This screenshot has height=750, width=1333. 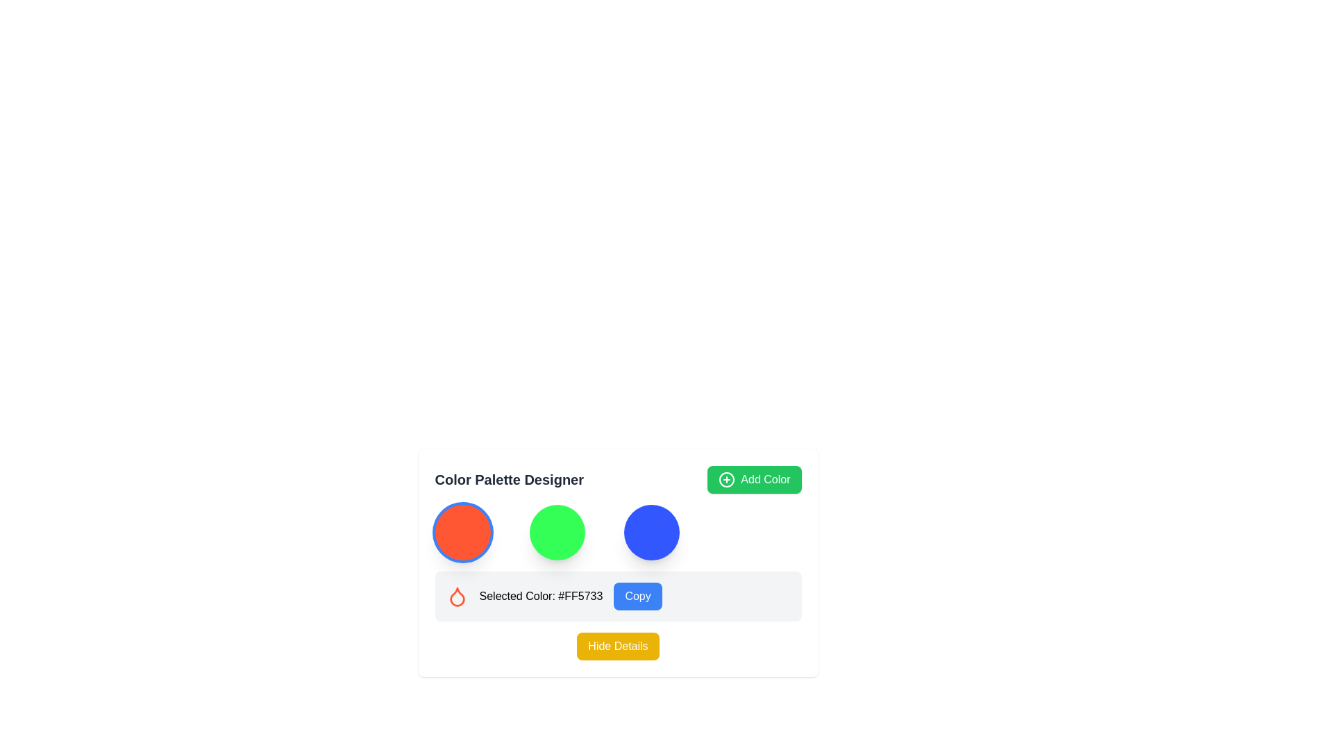 What do you see at coordinates (540, 596) in the screenshot?
I see `the static text displaying 'Selected Color: #FF5733', which is positioned to the right of the droplet icon and to the left of the 'Copy' button` at bounding box center [540, 596].